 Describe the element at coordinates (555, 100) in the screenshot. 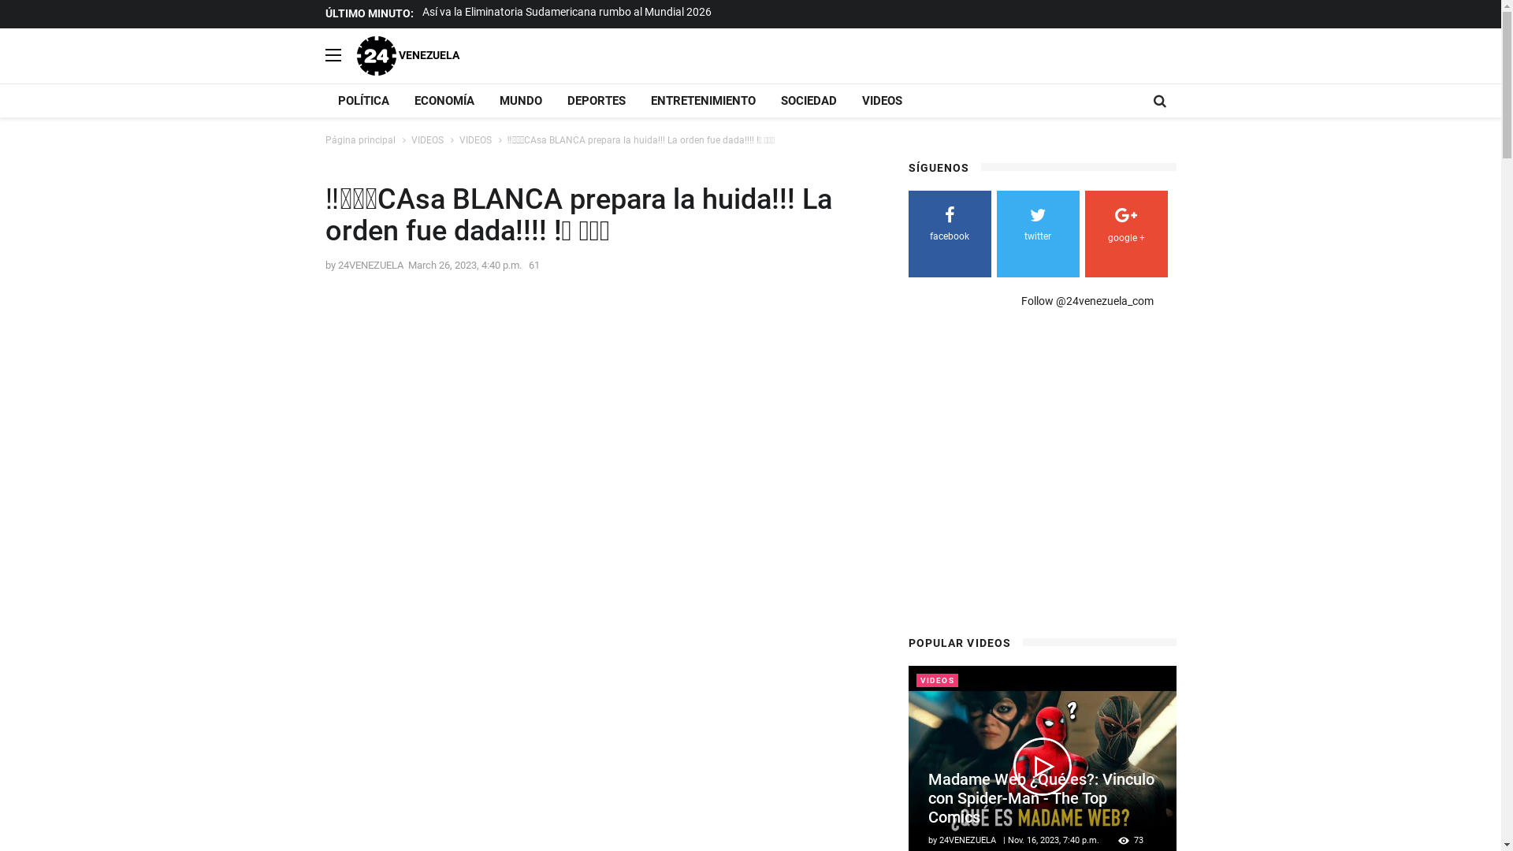

I see `'DEPORTES'` at that location.